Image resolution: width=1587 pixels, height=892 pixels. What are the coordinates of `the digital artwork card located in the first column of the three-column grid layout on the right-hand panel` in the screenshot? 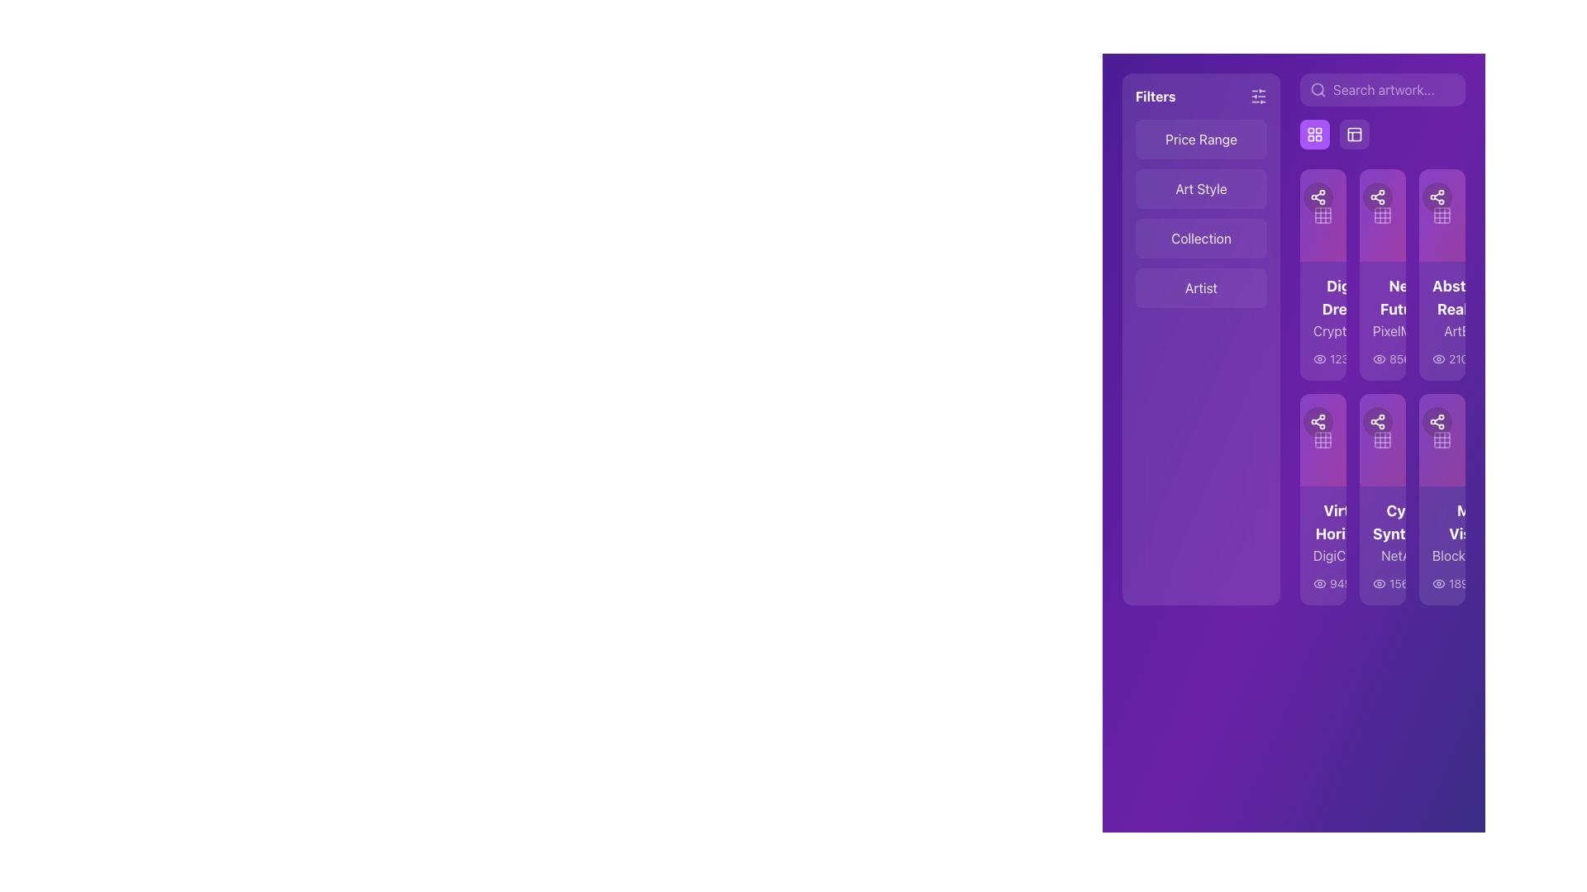 It's located at (1323, 273).